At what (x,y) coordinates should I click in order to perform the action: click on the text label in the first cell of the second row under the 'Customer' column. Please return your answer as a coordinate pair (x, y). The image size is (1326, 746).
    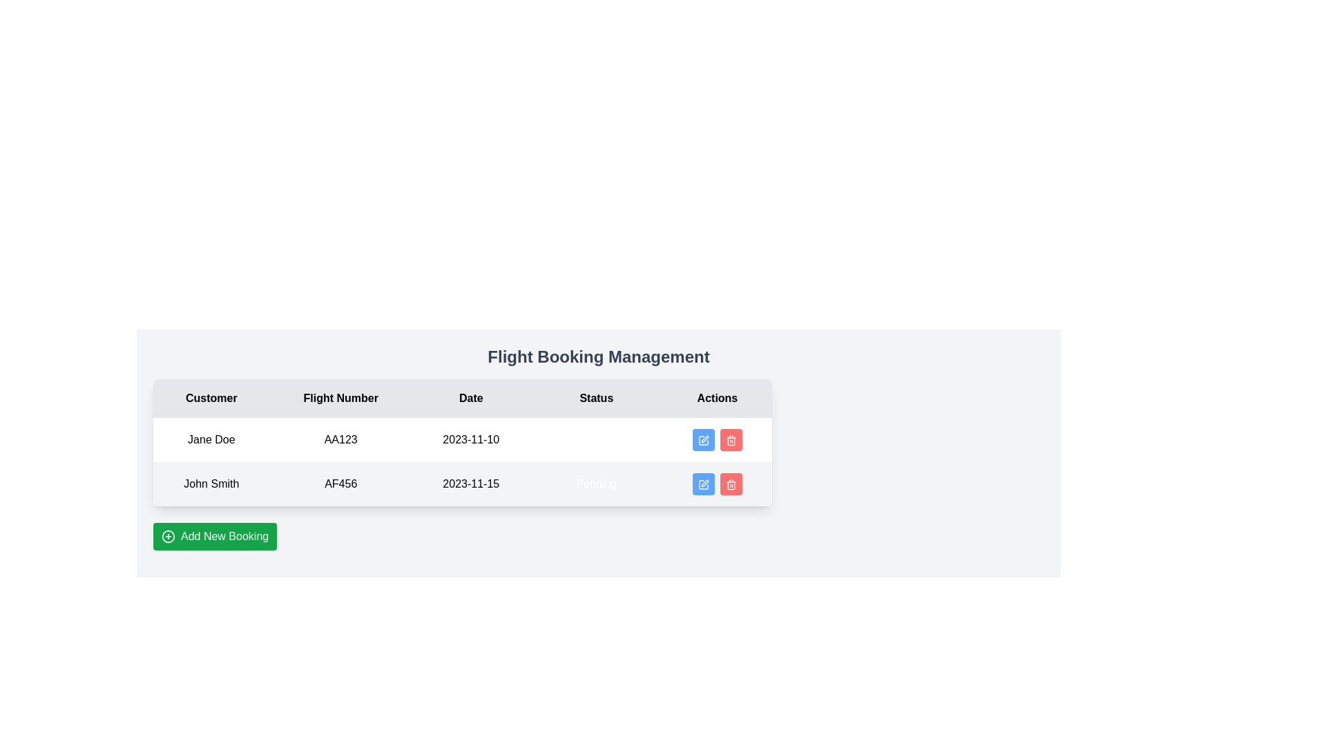
    Looking at the image, I should click on (211, 484).